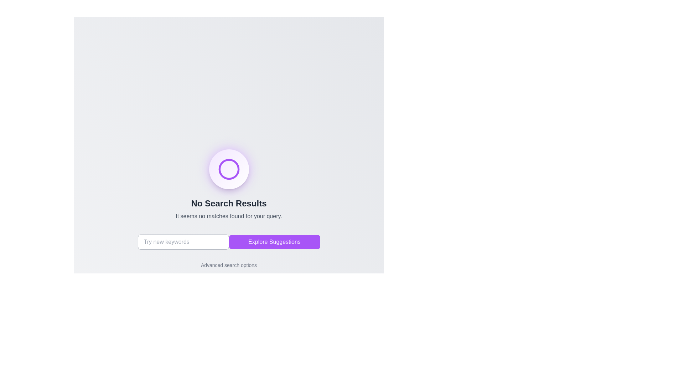 Image resolution: width=684 pixels, height=385 pixels. What do you see at coordinates (229, 216) in the screenshot?
I see `the text label that reads 'It seems no matches found for your query.' which is displayed in a smaller, light gray font beneath the title 'No Search Results'` at bounding box center [229, 216].